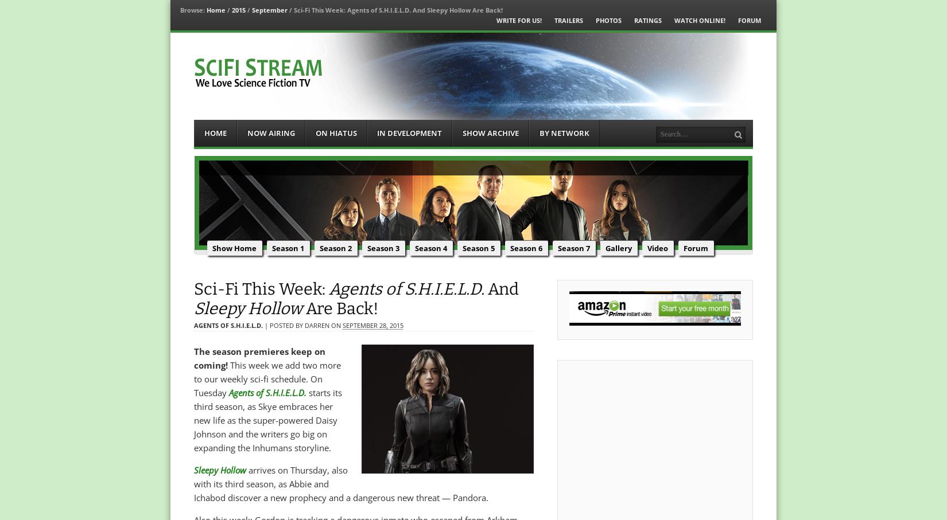  Describe the element at coordinates (192, 9) in the screenshot. I see `'Browse:'` at that location.